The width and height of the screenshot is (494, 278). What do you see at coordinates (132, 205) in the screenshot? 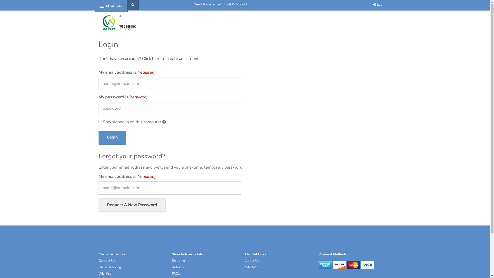
I see `'Request A New Password'` at bounding box center [132, 205].